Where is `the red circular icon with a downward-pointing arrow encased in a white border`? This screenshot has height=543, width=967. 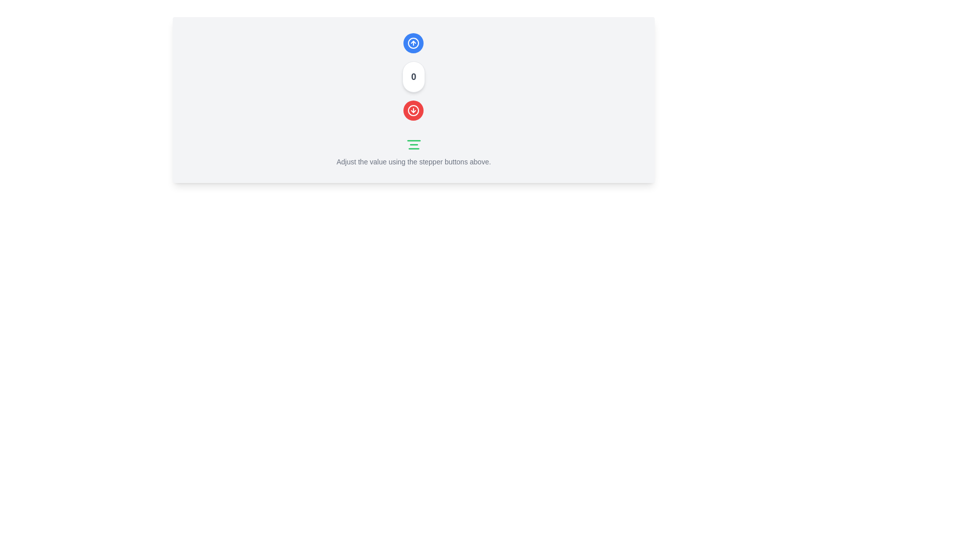 the red circular icon with a downward-pointing arrow encased in a white border is located at coordinates (413, 110).